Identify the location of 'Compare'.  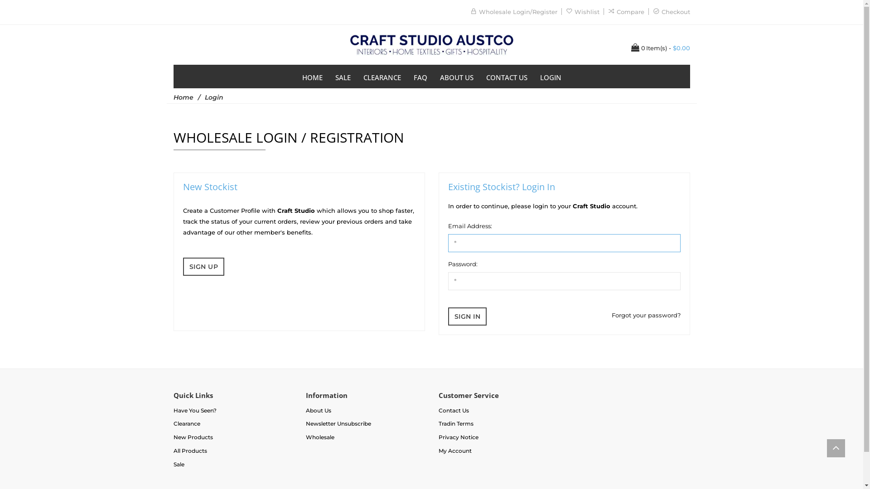
(629, 12).